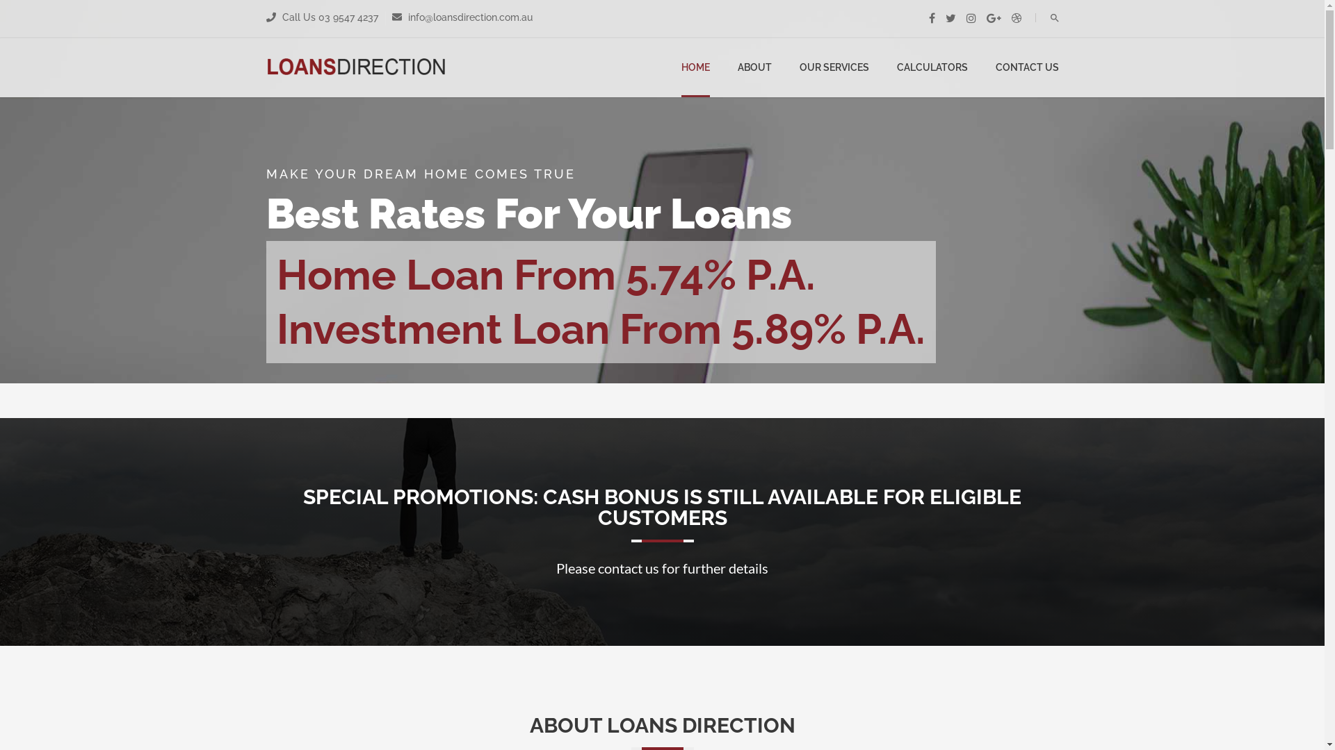 The image size is (1335, 750). I want to click on 'Loans Direction', so click(266, 67).